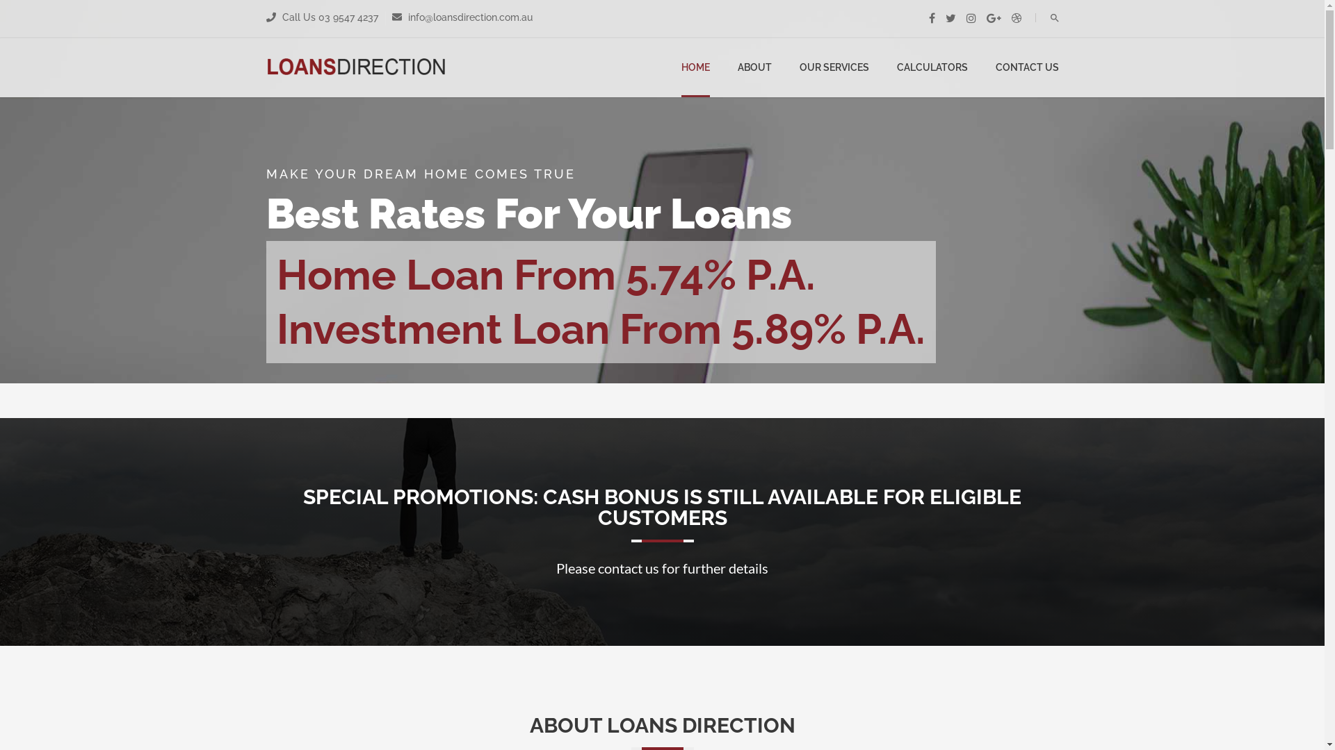 The image size is (1335, 750). I want to click on 'Loans Direction', so click(266, 67).